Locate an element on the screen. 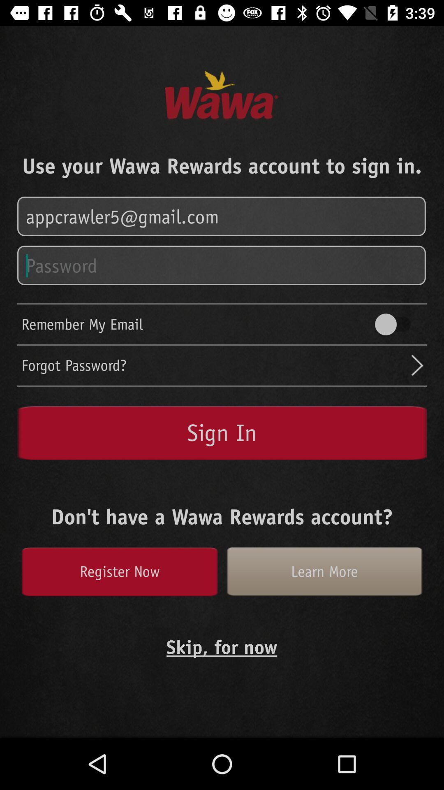 The image size is (444, 790). forgot password? icon is located at coordinates (215, 365).